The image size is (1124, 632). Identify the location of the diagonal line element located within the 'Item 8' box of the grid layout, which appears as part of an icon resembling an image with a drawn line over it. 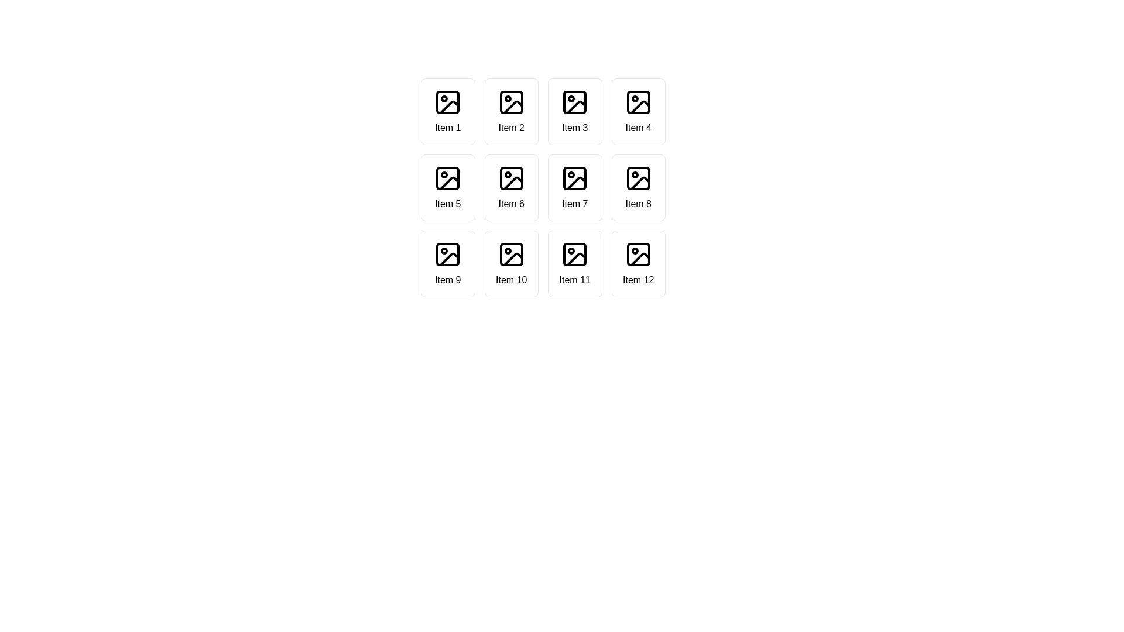
(639, 183).